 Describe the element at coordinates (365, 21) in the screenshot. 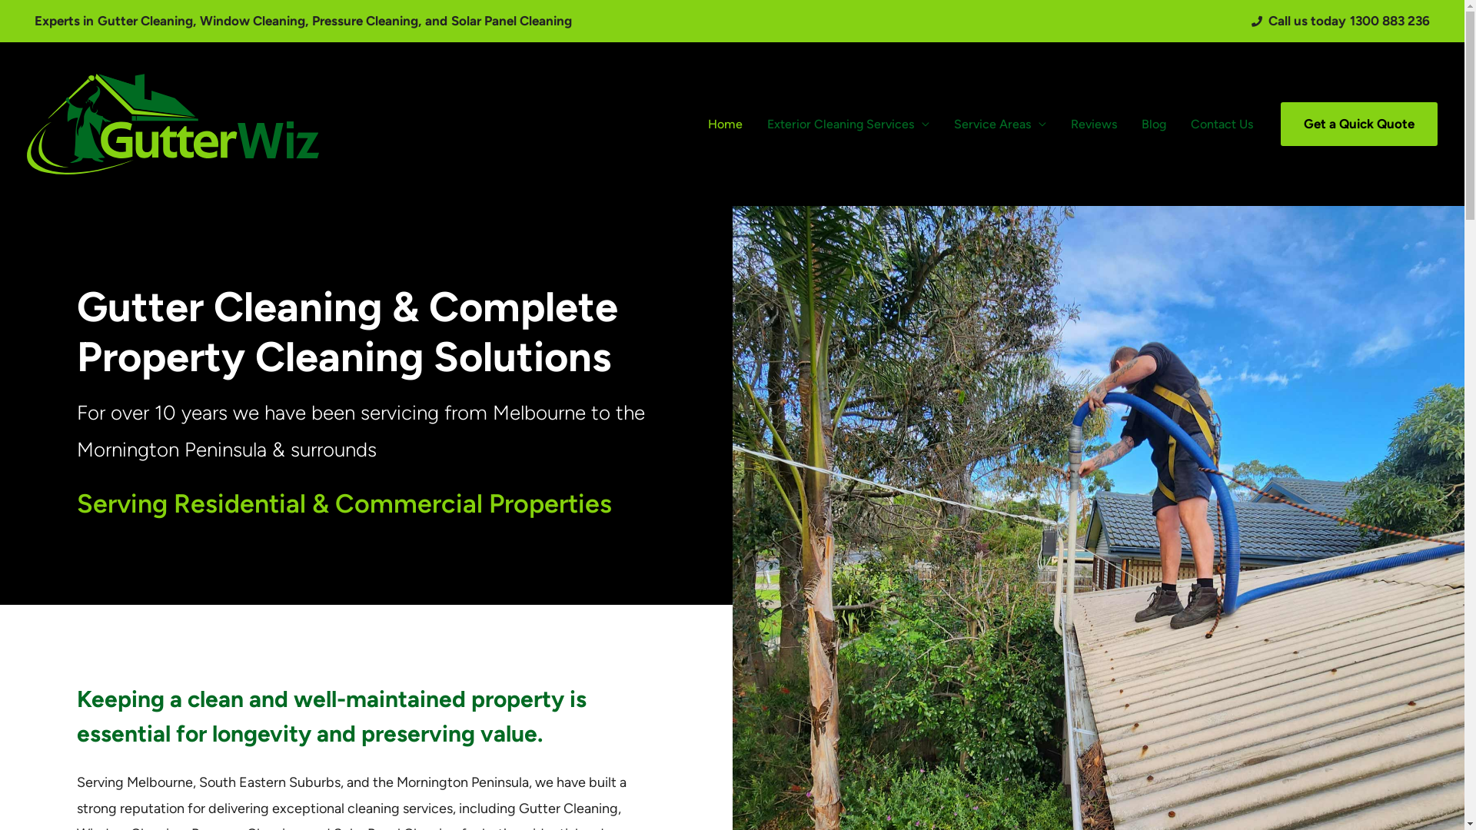

I see `'Pressure Cleaning,'` at that location.